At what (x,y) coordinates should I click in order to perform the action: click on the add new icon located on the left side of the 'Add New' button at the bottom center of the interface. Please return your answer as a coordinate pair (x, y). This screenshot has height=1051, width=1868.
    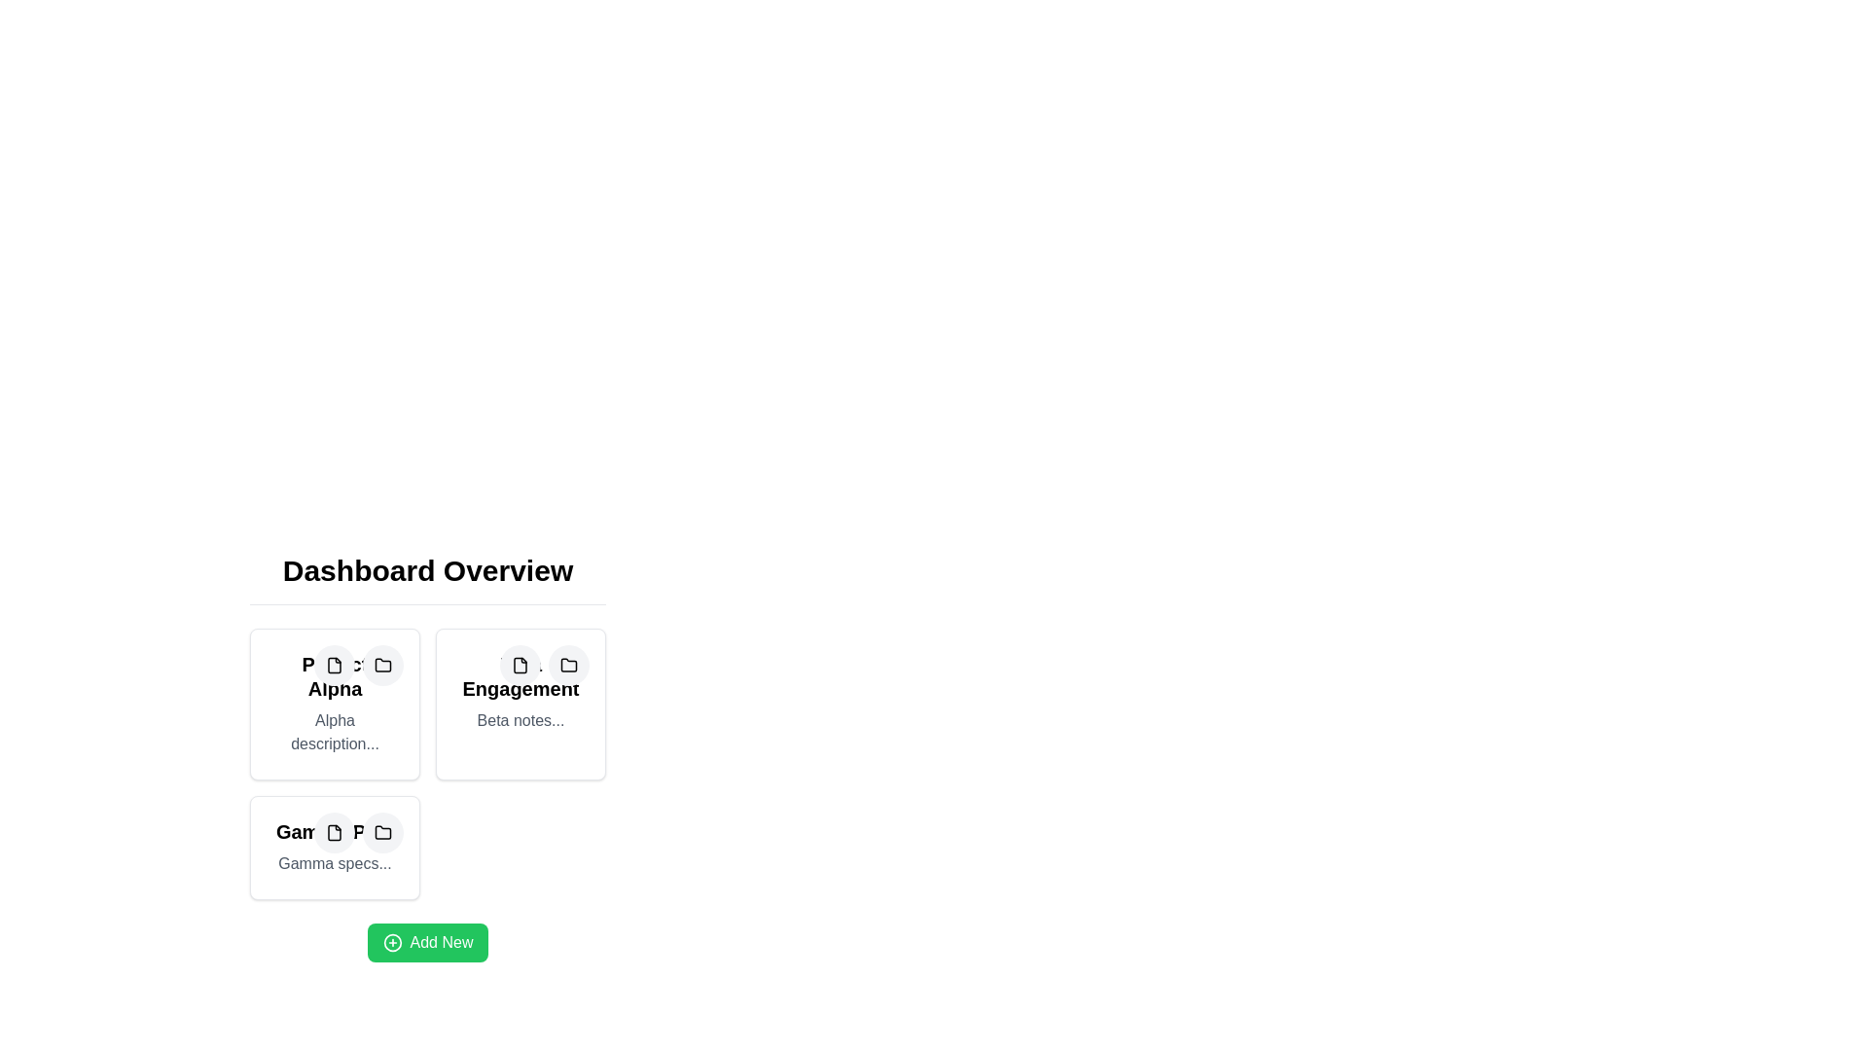
    Looking at the image, I should click on (391, 941).